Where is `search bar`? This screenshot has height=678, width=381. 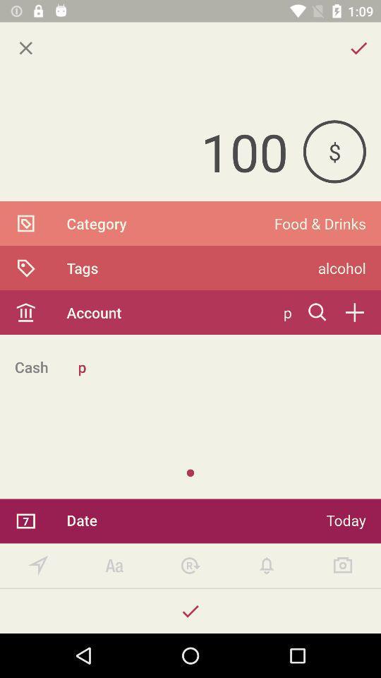 search bar is located at coordinates (317, 312).